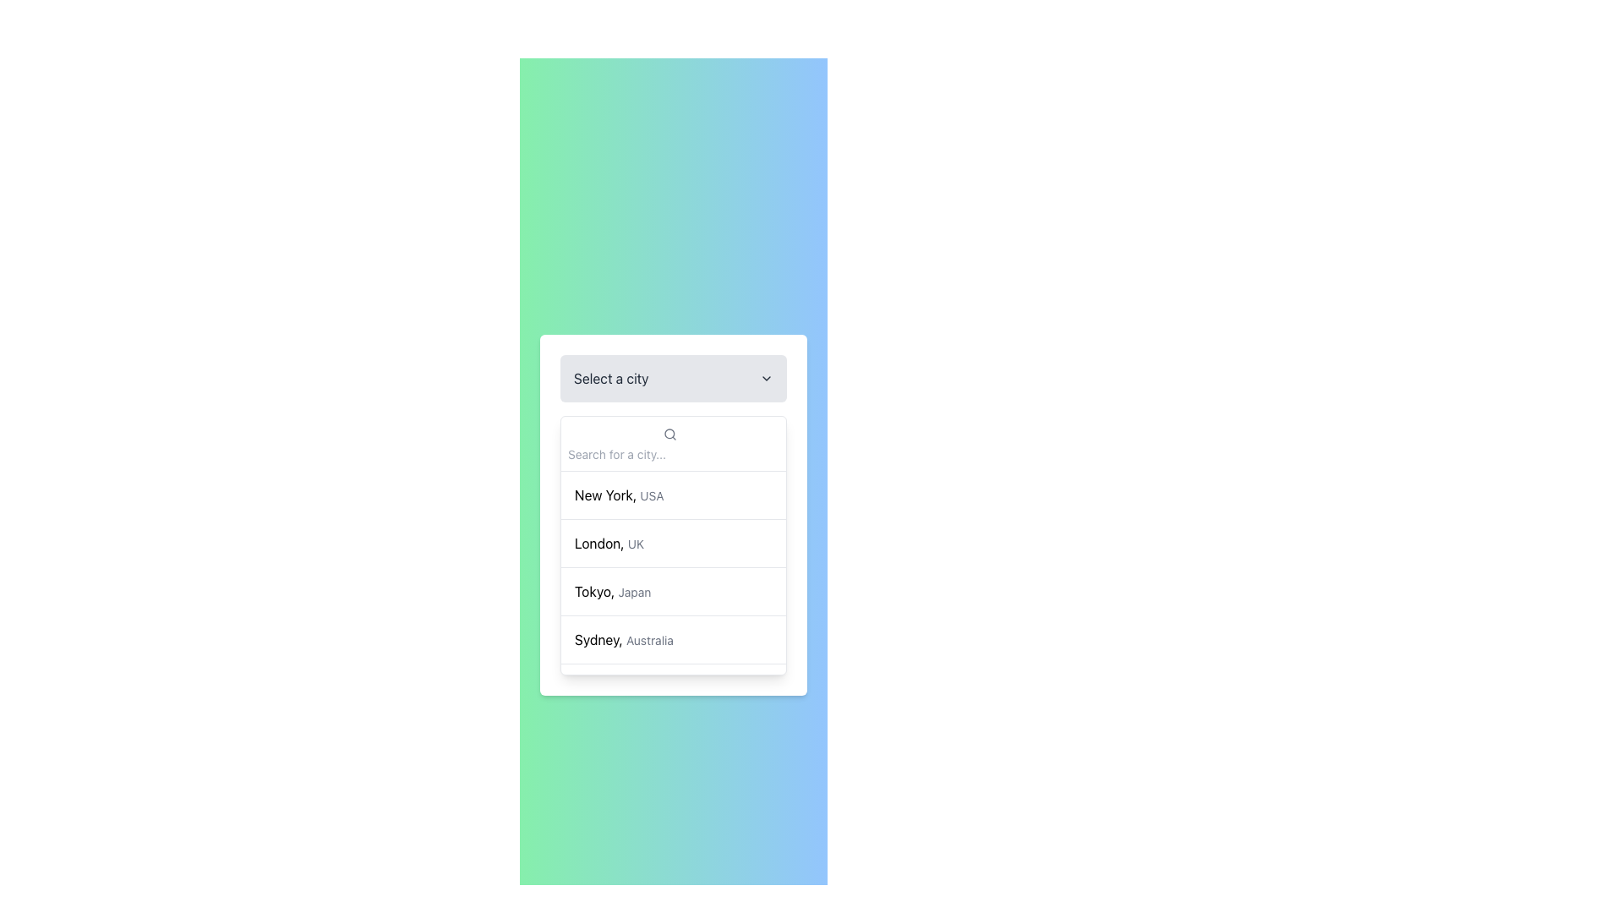 This screenshot has height=913, width=1623. I want to click on the list item representing 'London, UK' in the dropdown menu, so click(672, 544).